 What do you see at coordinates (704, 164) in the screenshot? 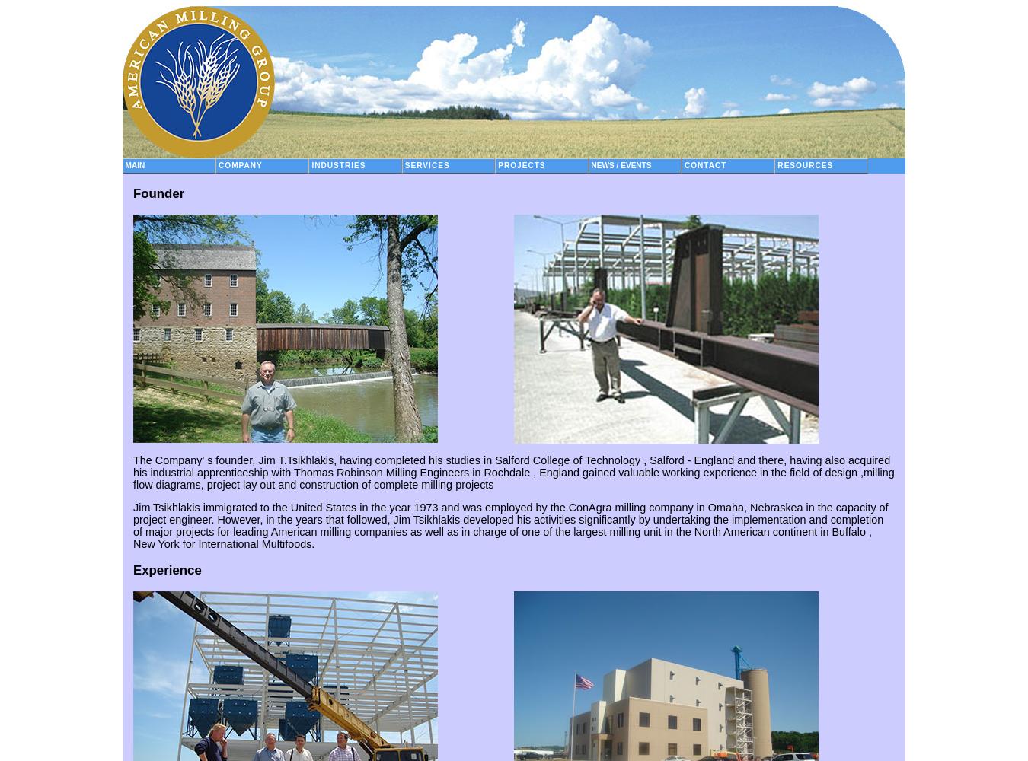
I see `'Contact'` at bounding box center [704, 164].